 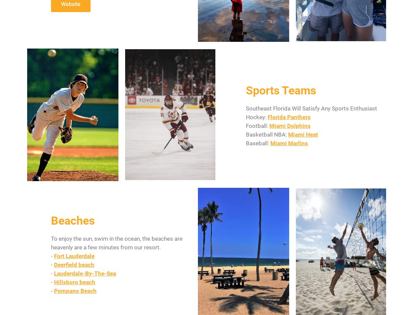 What do you see at coordinates (246, 125) in the screenshot?
I see `'Football:'` at bounding box center [246, 125].